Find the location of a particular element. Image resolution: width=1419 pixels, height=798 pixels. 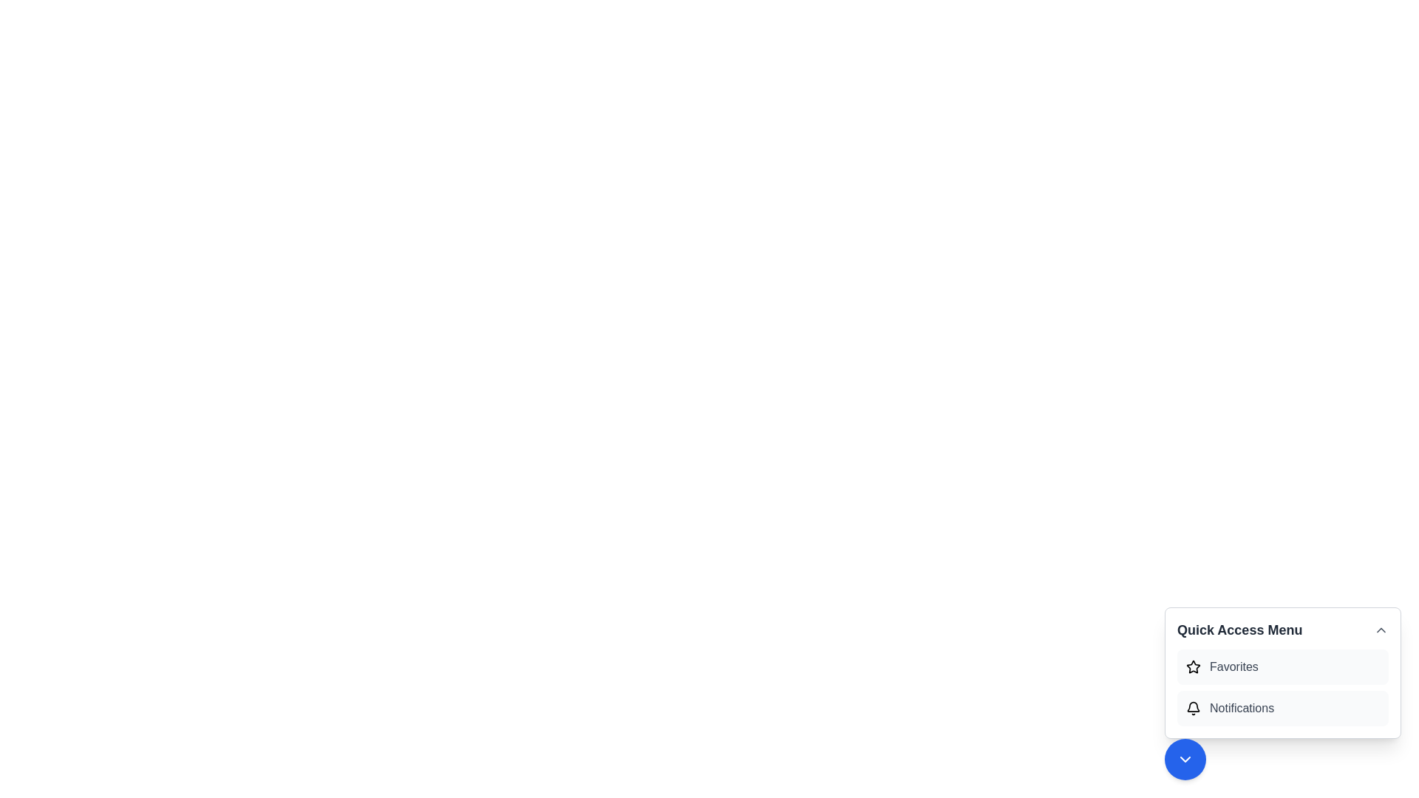

the Text label that serves as the title for the dropdown menu interface for accessibility is located at coordinates (1239, 630).